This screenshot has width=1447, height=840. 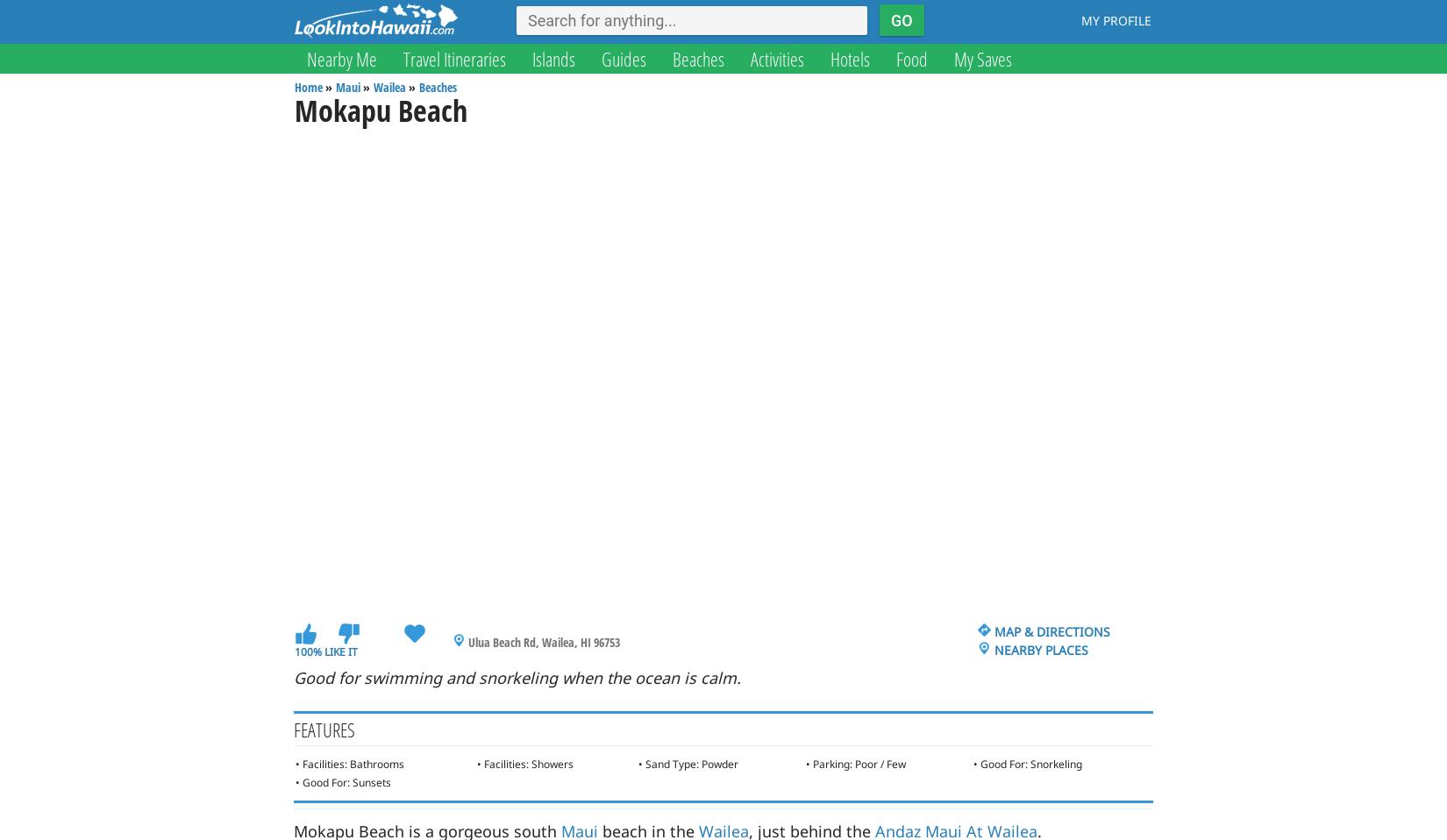 What do you see at coordinates (380, 110) in the screenshot?
I see `'Mokapu Beach'` at bounding box center [380, 110].